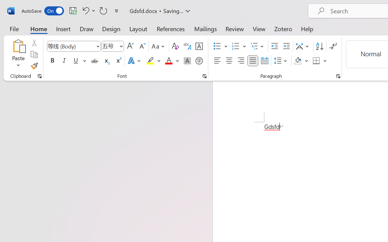 This screenshot has height=242, width=388. I want to click on 'Shading', so click(301, 61).